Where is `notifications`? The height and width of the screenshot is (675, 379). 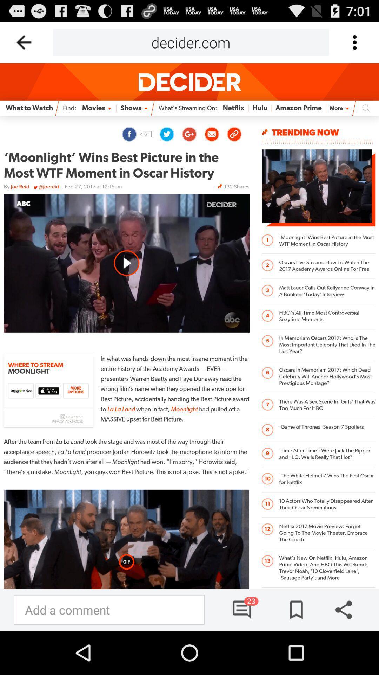 notifications is located at coordinates (242, 609).